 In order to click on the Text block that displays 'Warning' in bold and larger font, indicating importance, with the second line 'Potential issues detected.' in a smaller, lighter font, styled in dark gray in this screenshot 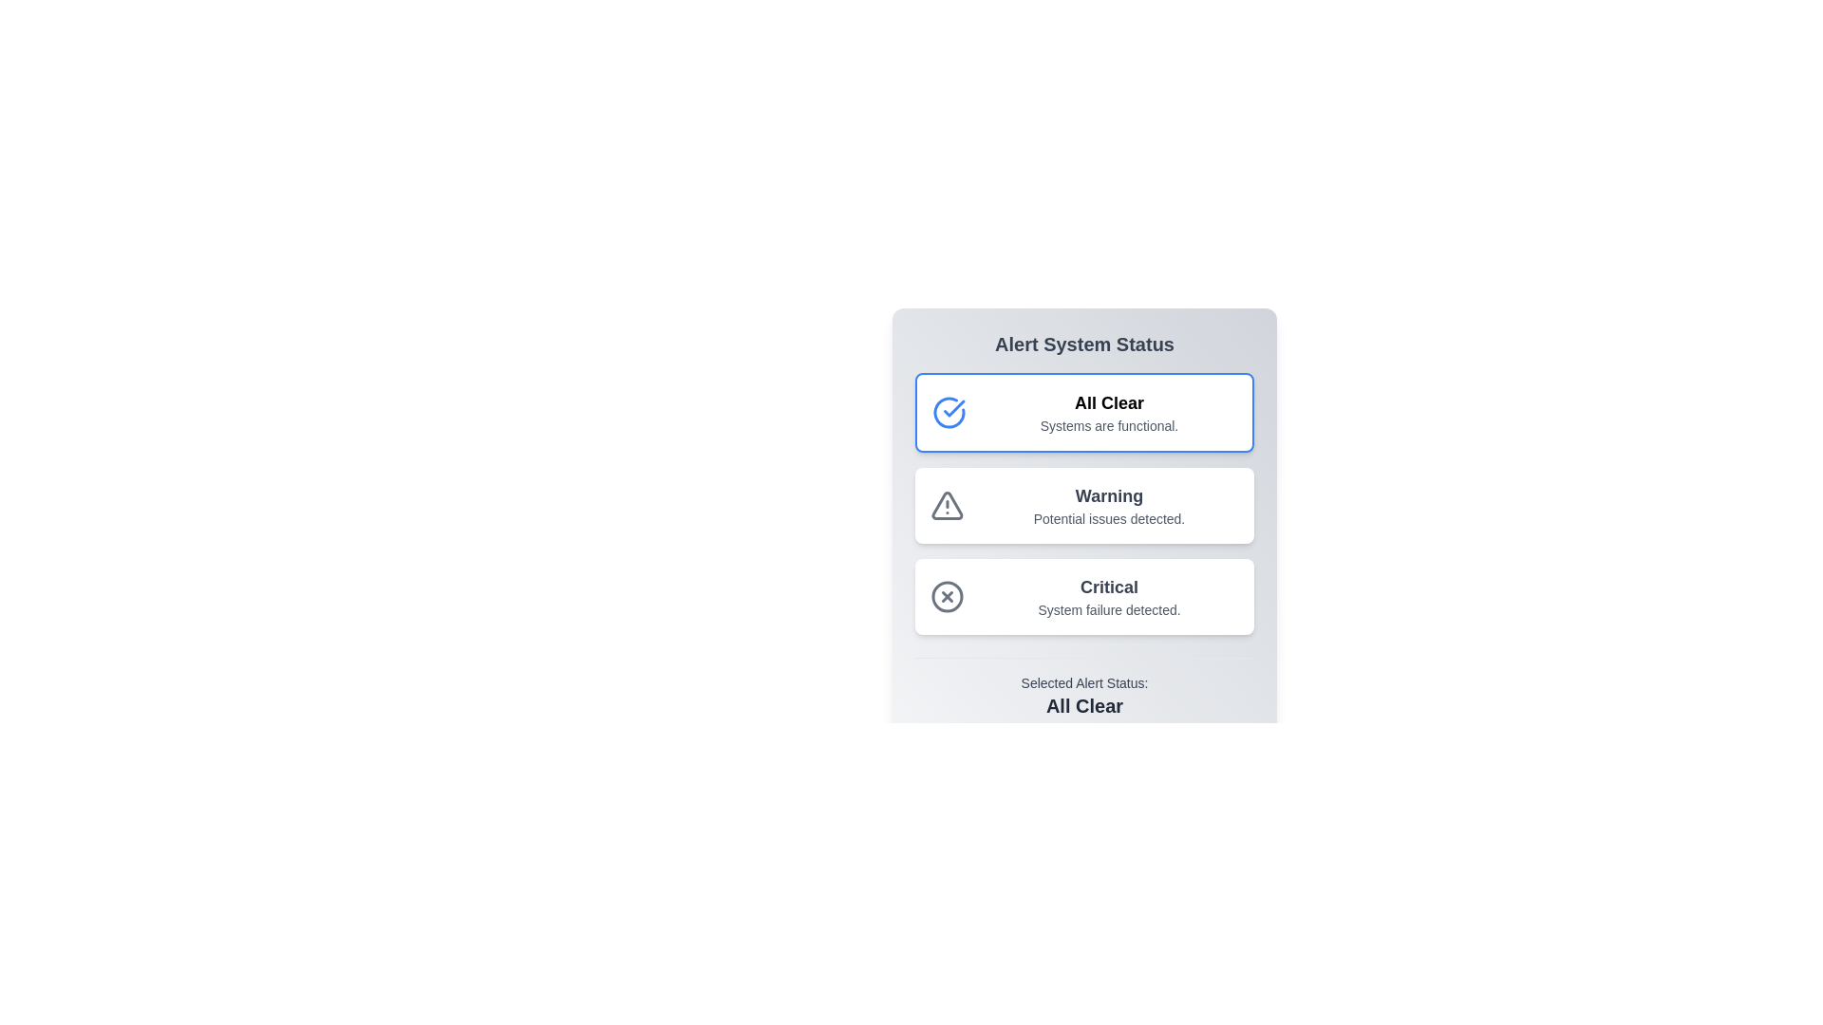, I will do `click(1109, 504)`.